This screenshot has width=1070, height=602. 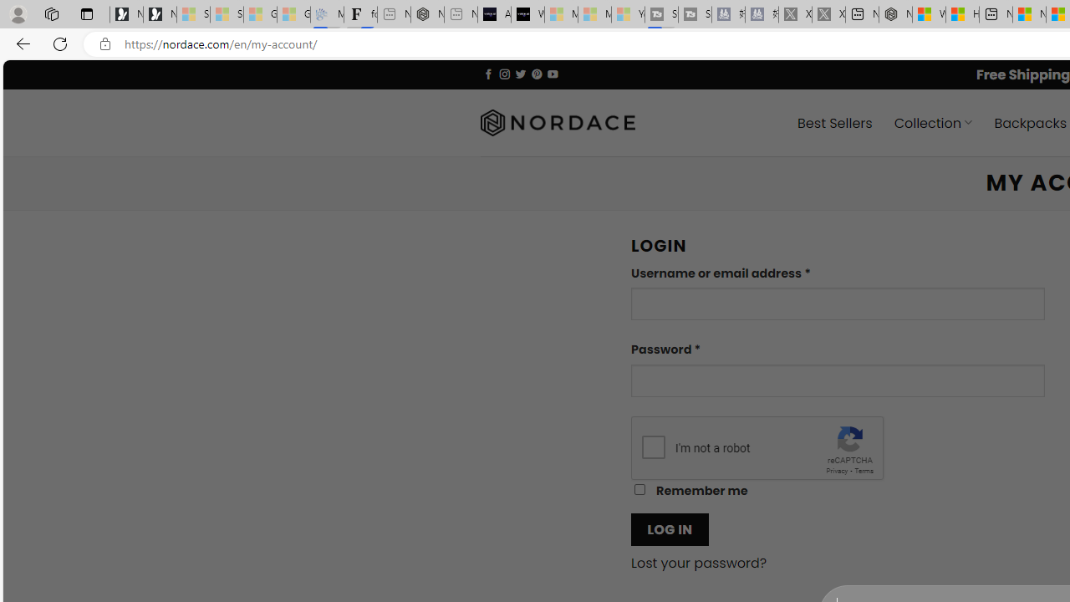 What do you see at coordinates (962, 14) in the screenshot?
I see `'Huge shark washes ashore at New York City beach | Watch'` at bounding box center [962, 14].